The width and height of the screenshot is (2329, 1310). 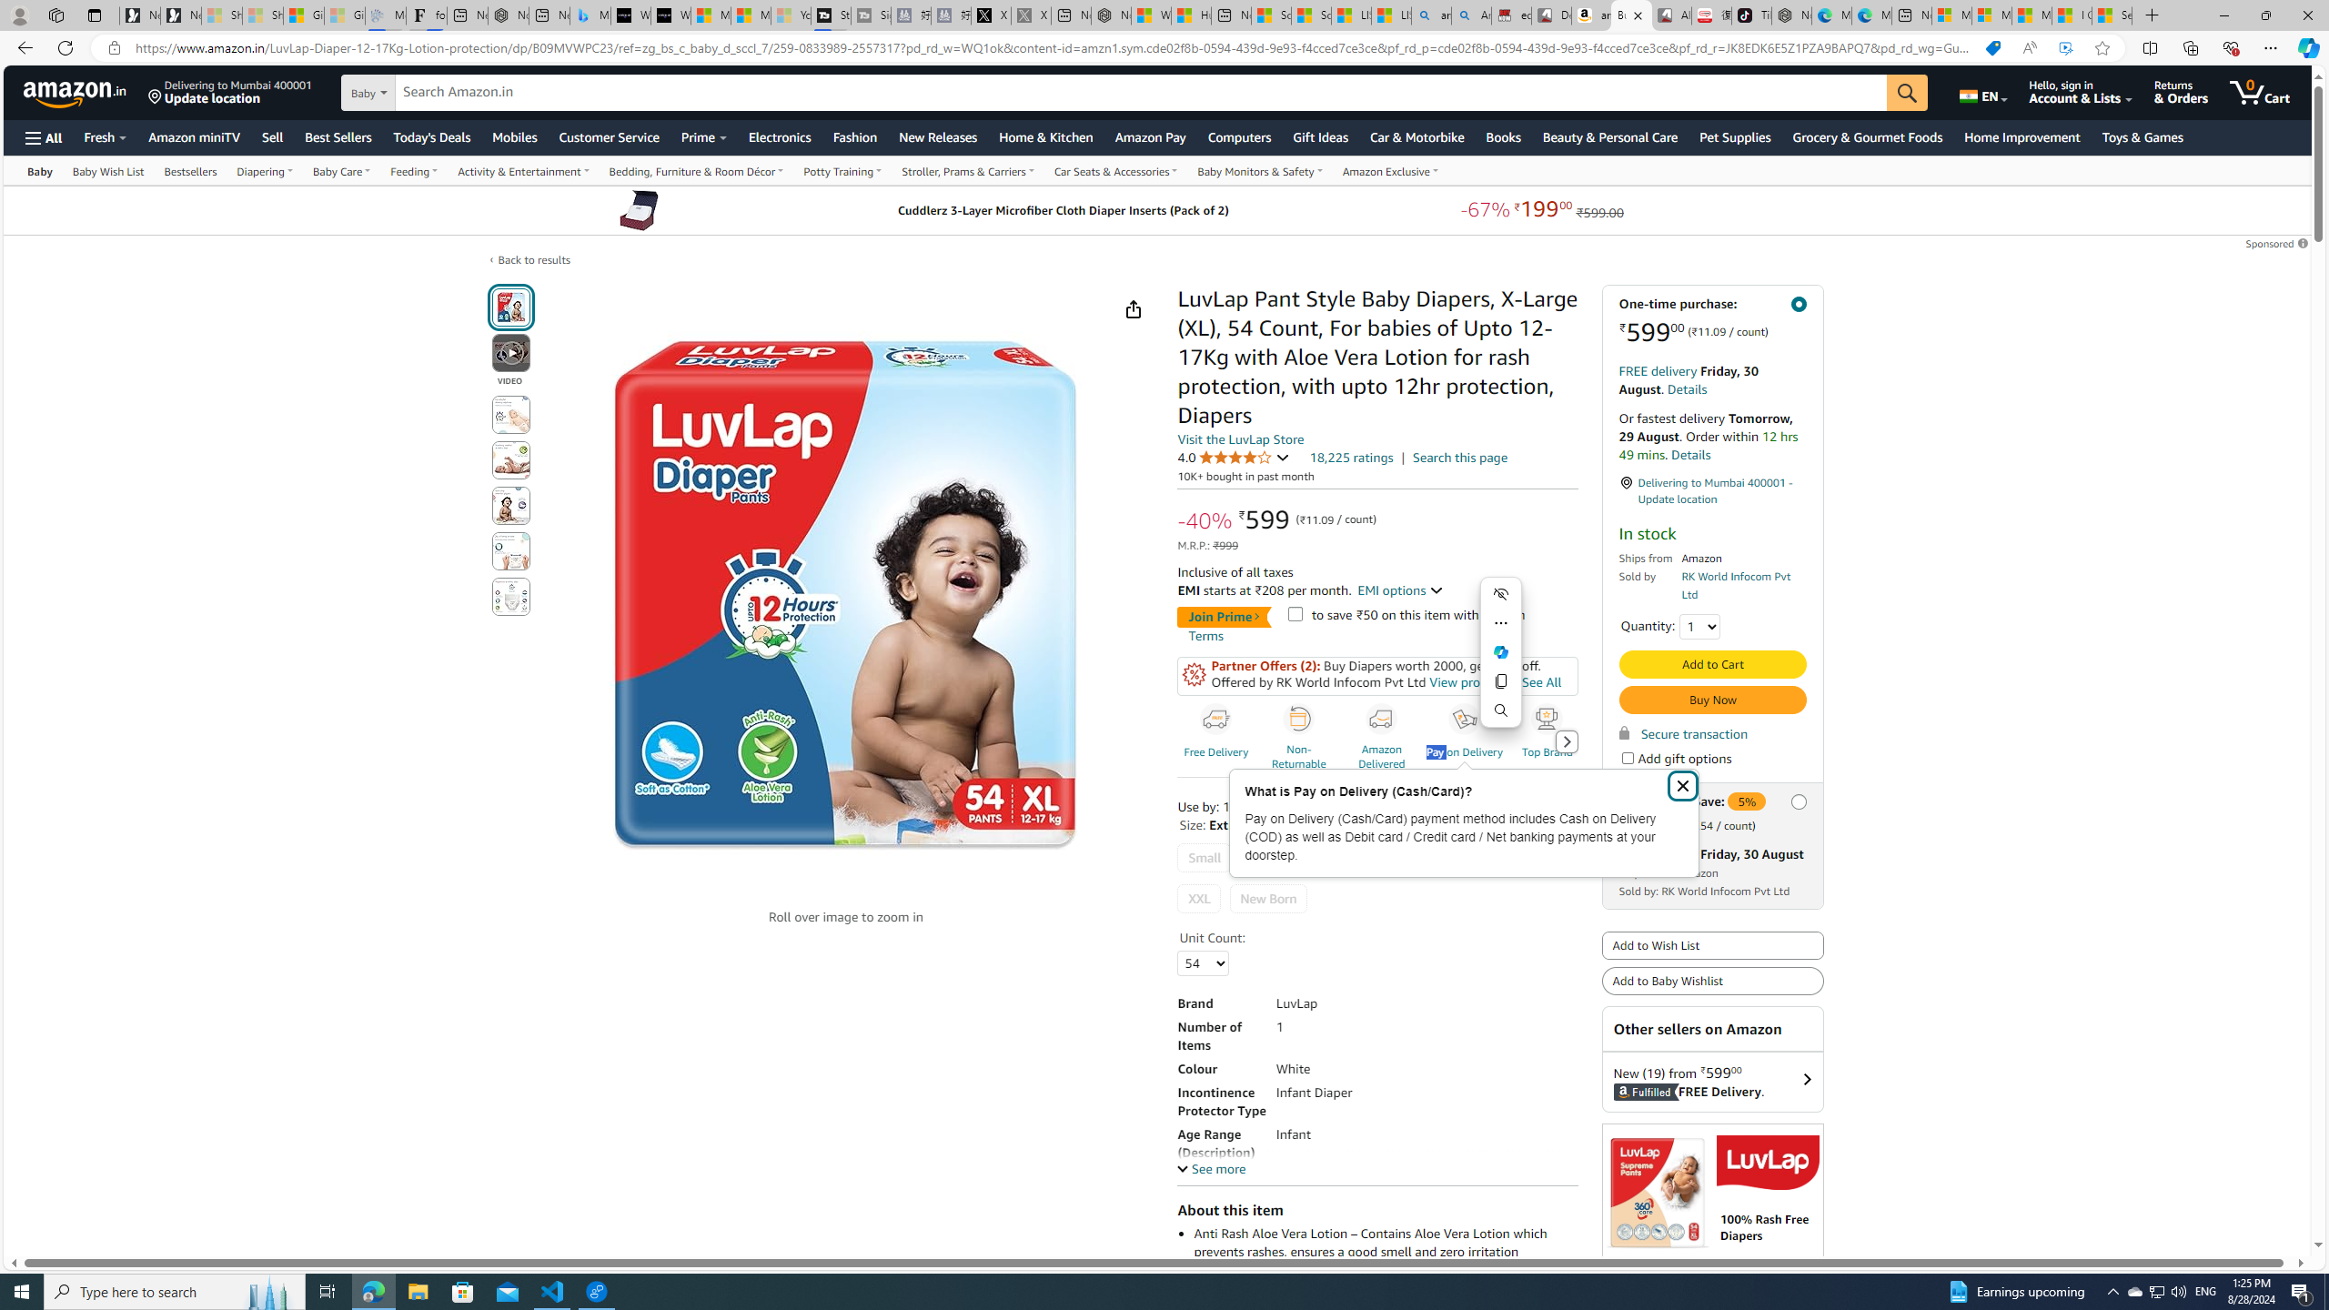 What do you see at coordinates (1110, 15) in the screenshot?
I see `'Nordace - My Account'` at bounding box center [1110, 15].